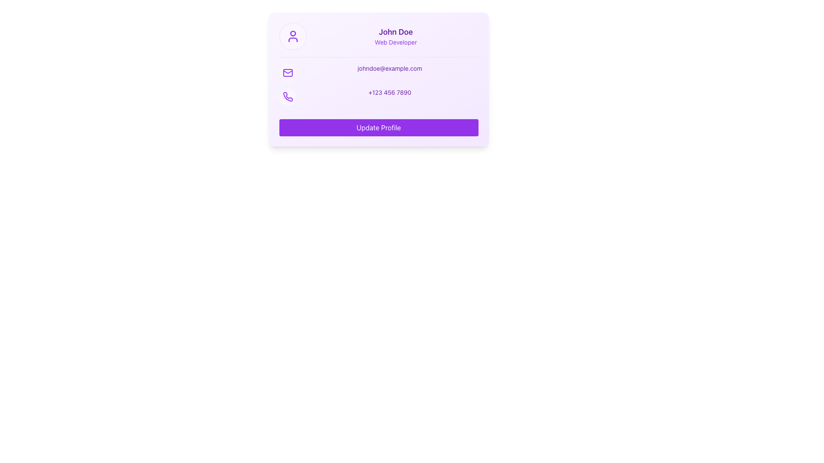 The height and width of the screenshot is (463, 824). What do you see at coordinates (395, 42) in the screenshot?
I see `text content of the 'Web Developer' text label, which is a small purple font located beneath the 'John Doe' header in the profile card` at bounding box center [395, 42].